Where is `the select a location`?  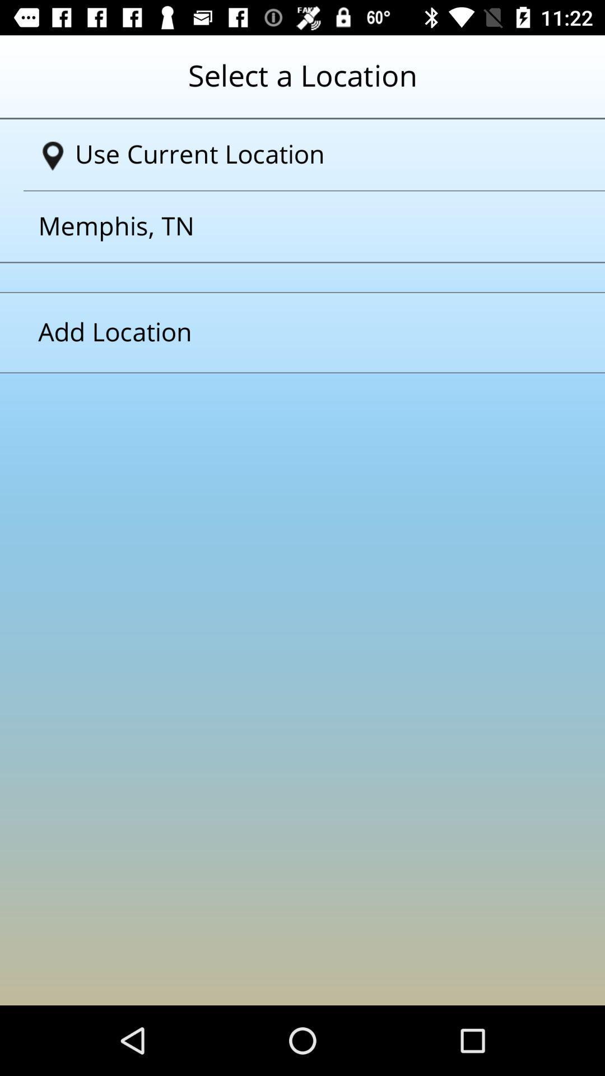
the select a location is located at coordinates (302, 84).